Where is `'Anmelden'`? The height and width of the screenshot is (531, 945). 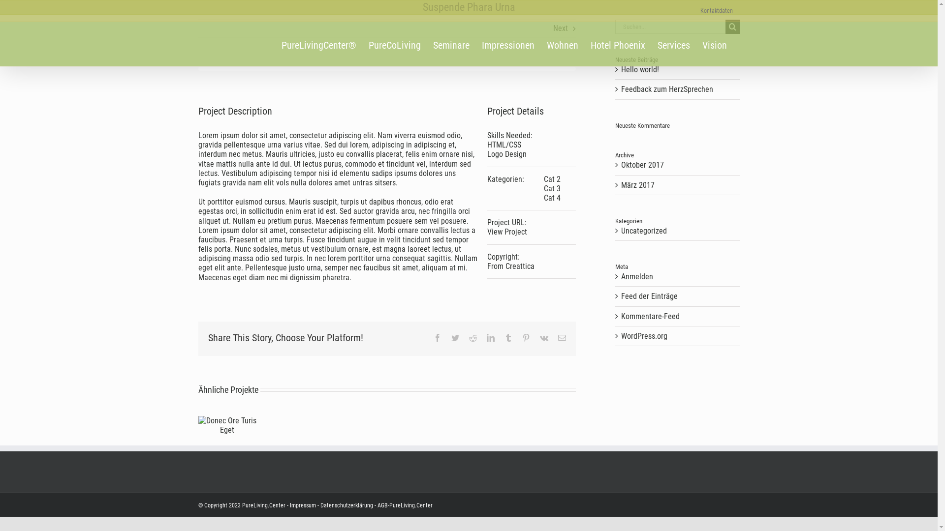 'Anmelden' is located at coordinates (637, 276).